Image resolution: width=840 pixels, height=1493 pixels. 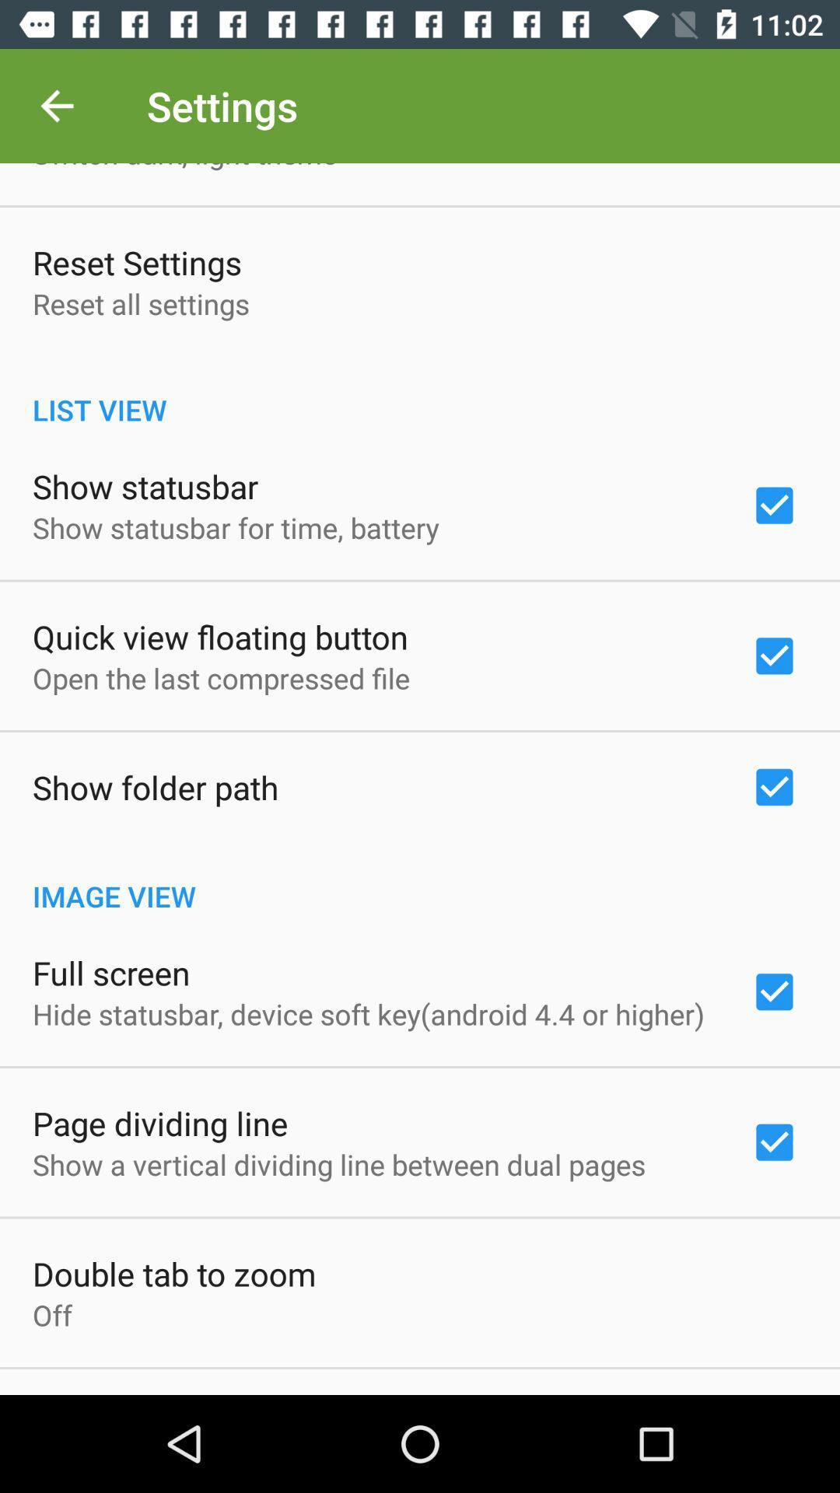 I want to click on the icon to the left of settings item, so click(x=56, y=105).